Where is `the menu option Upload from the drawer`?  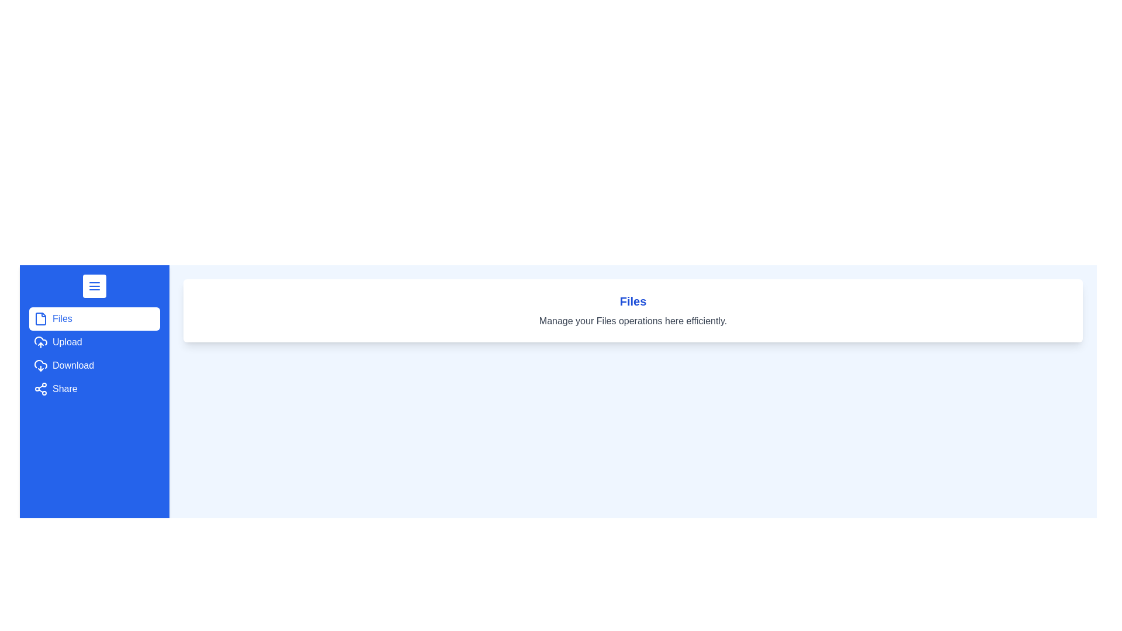 the menu option Upload from the drawer is located at coordinates (95, 342).